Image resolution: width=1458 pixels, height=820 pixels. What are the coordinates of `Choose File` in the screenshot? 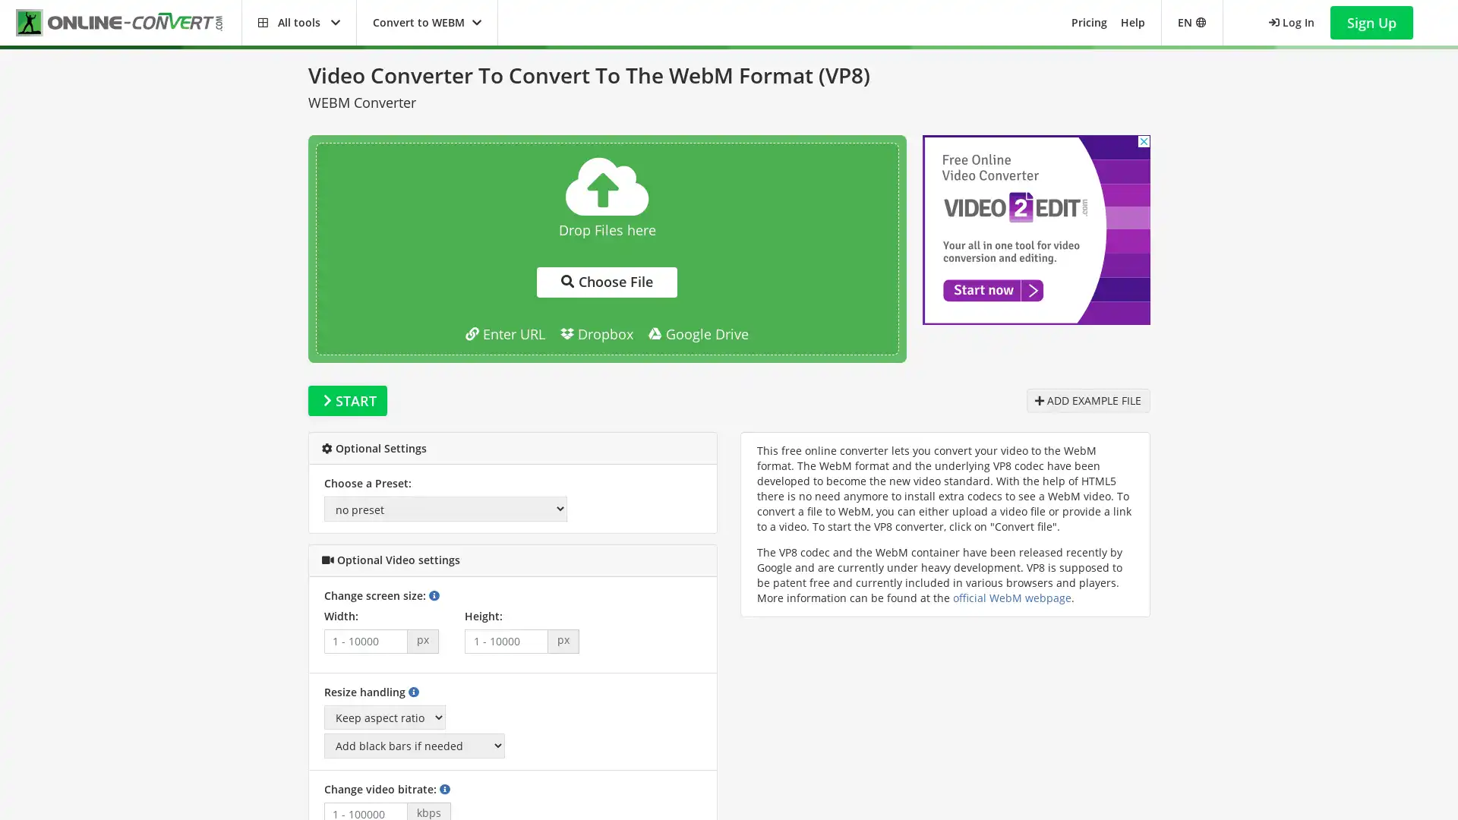 It's located at (606, 282).